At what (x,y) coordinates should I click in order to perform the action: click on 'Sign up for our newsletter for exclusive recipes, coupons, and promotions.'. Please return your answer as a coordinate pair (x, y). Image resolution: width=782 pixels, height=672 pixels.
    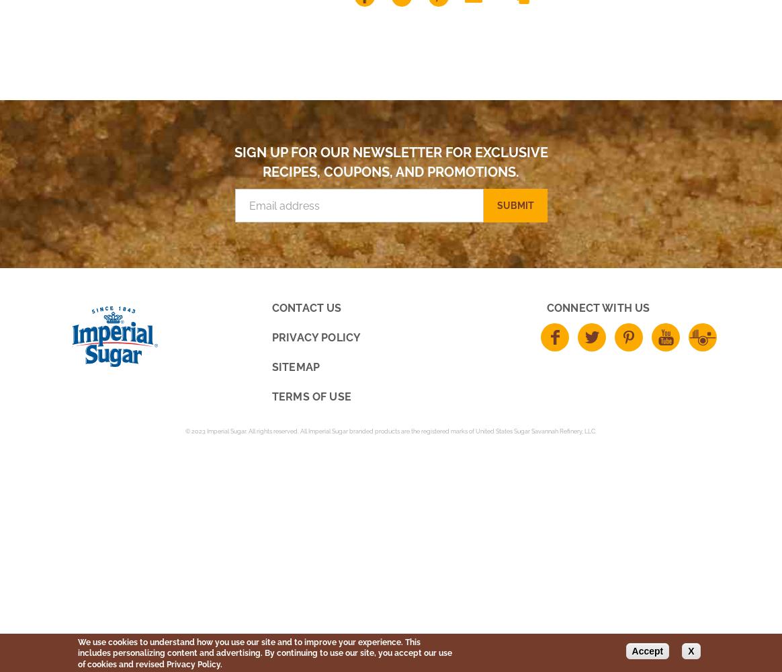
    Looking at the image, I should click on (390, 161).